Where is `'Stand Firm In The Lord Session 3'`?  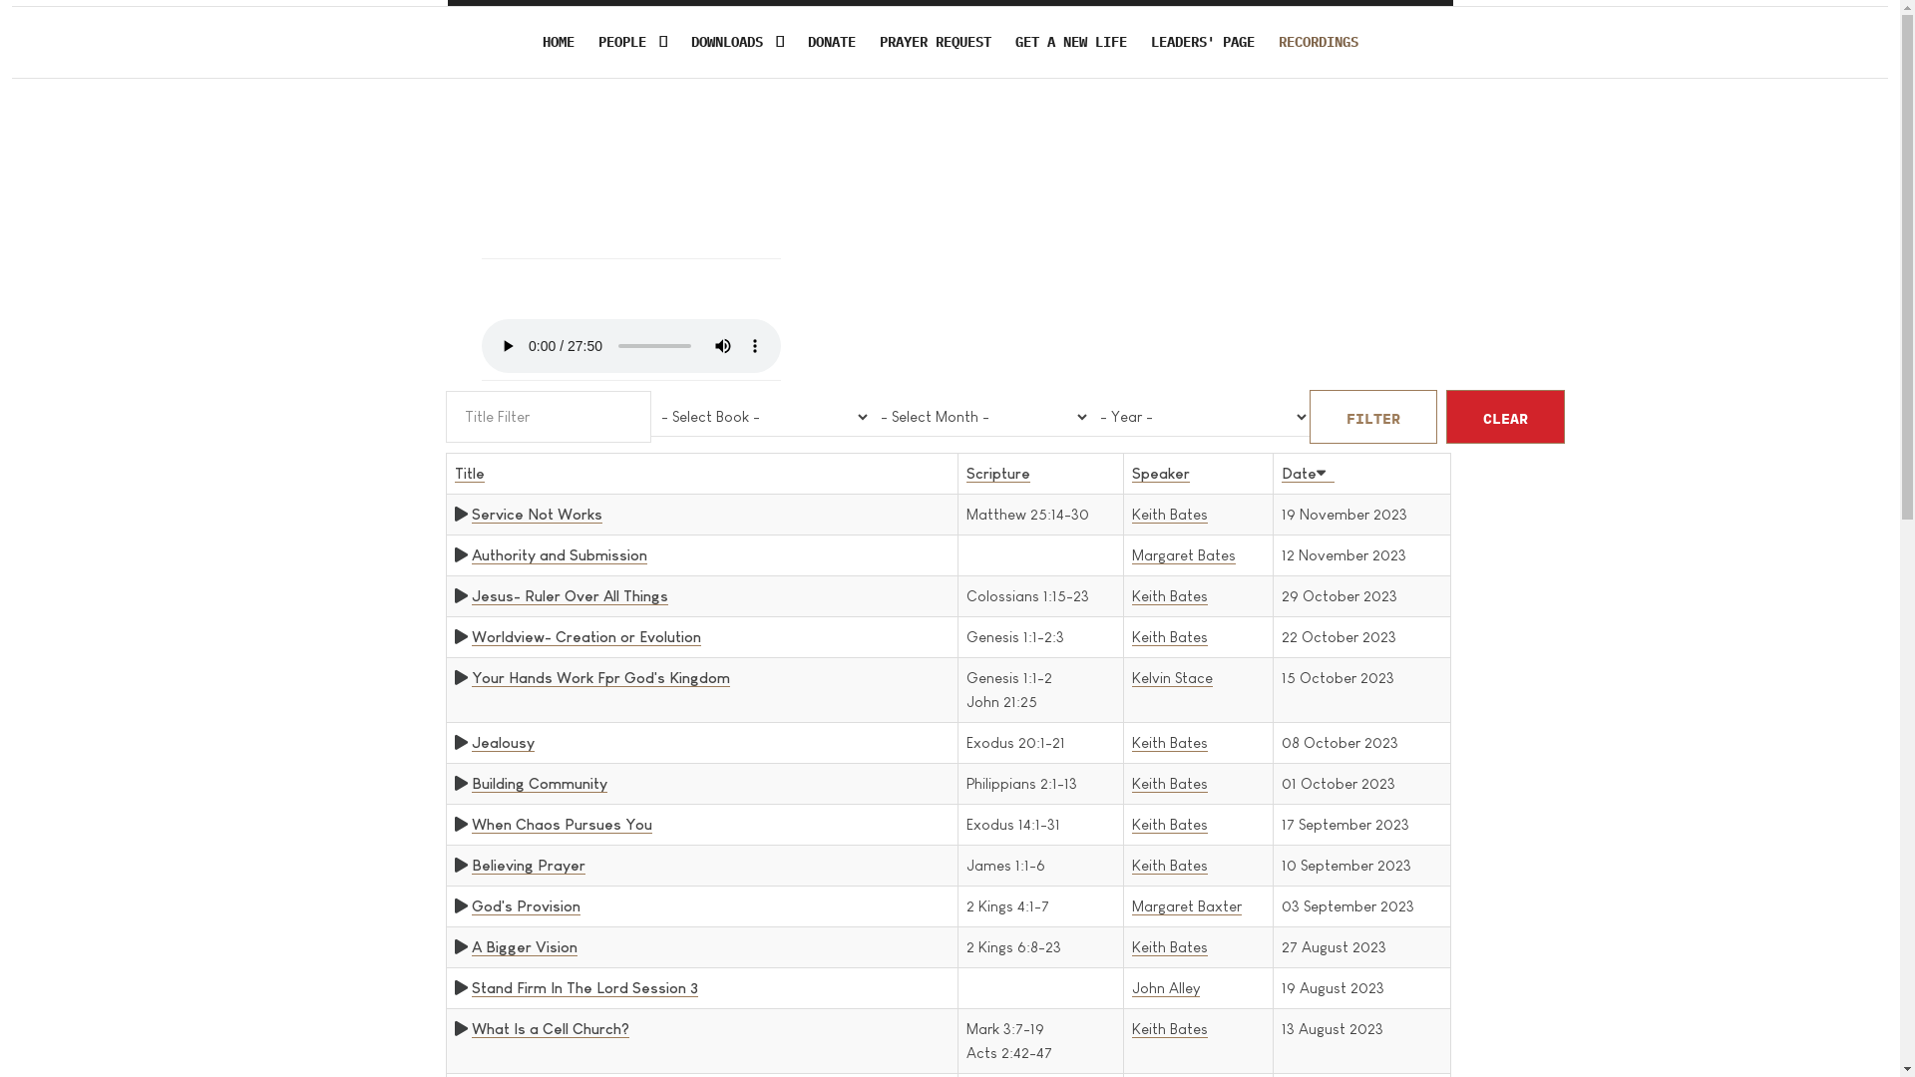
'Stand Firm In The Lord Session 3' is located at coordinates (469, 988).